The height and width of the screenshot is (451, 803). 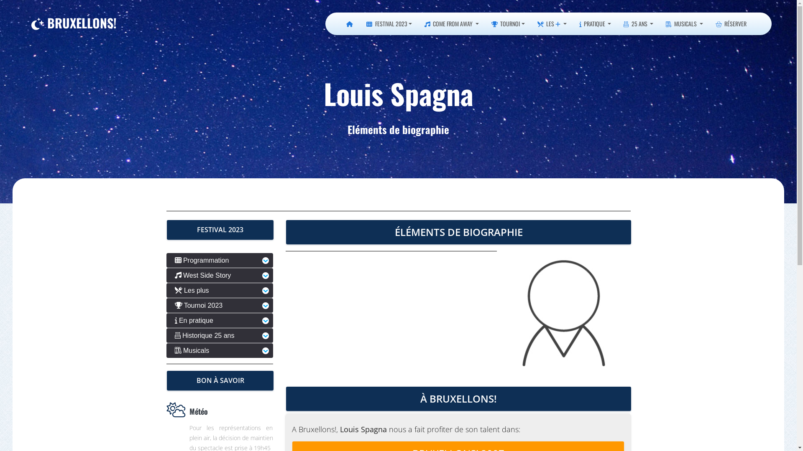 What do you see at coordinates (638, 23) in the screenshot?
I see `'25 ANS'` at bounding box center [638, 23].